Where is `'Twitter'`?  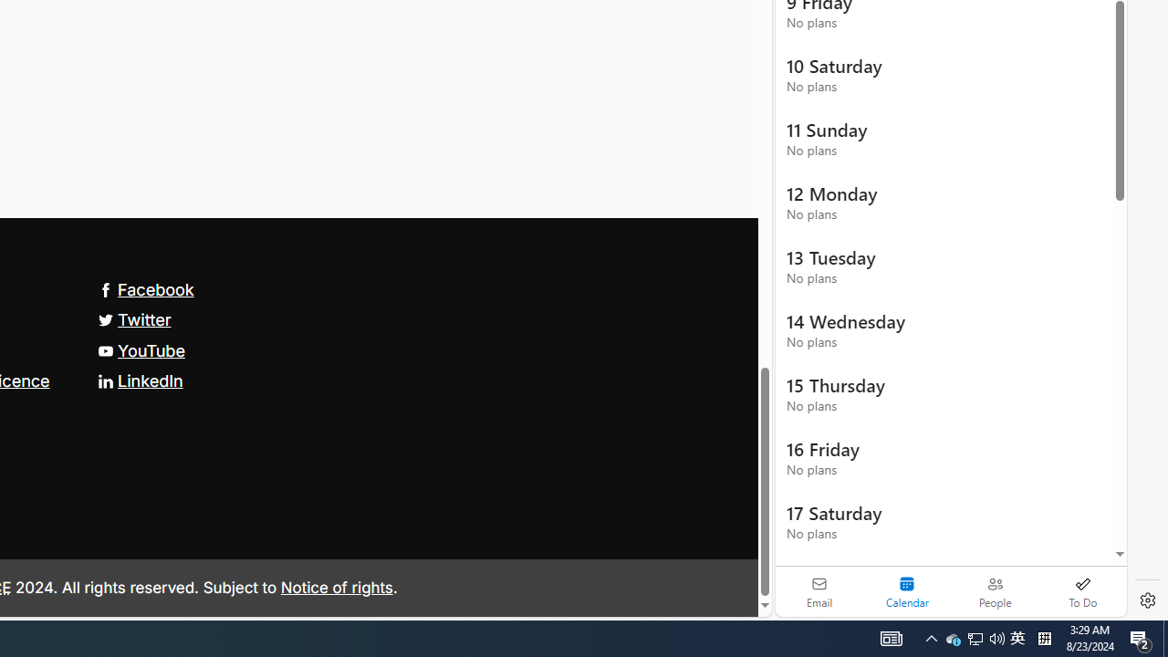
'Twitter' is located at coordinates (133, 319).